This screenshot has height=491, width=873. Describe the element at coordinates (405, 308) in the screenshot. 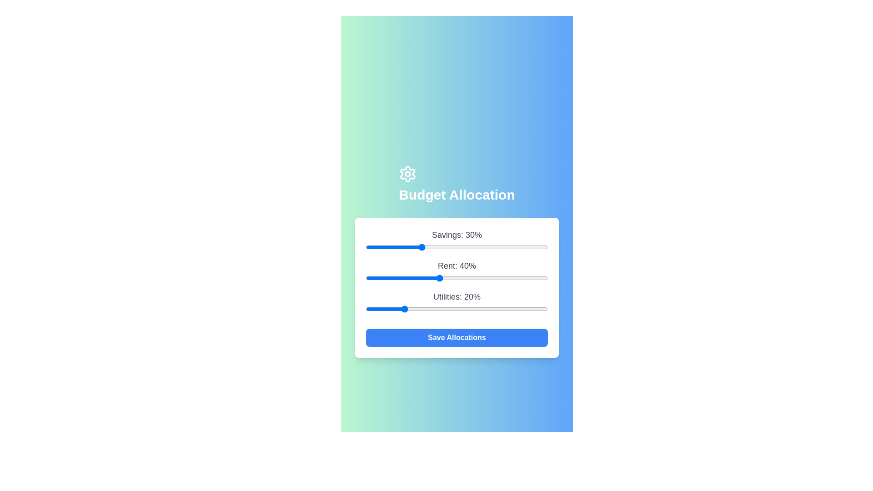

I see `the 'Utilities' slider to allocate 22% of the budget` at that location.